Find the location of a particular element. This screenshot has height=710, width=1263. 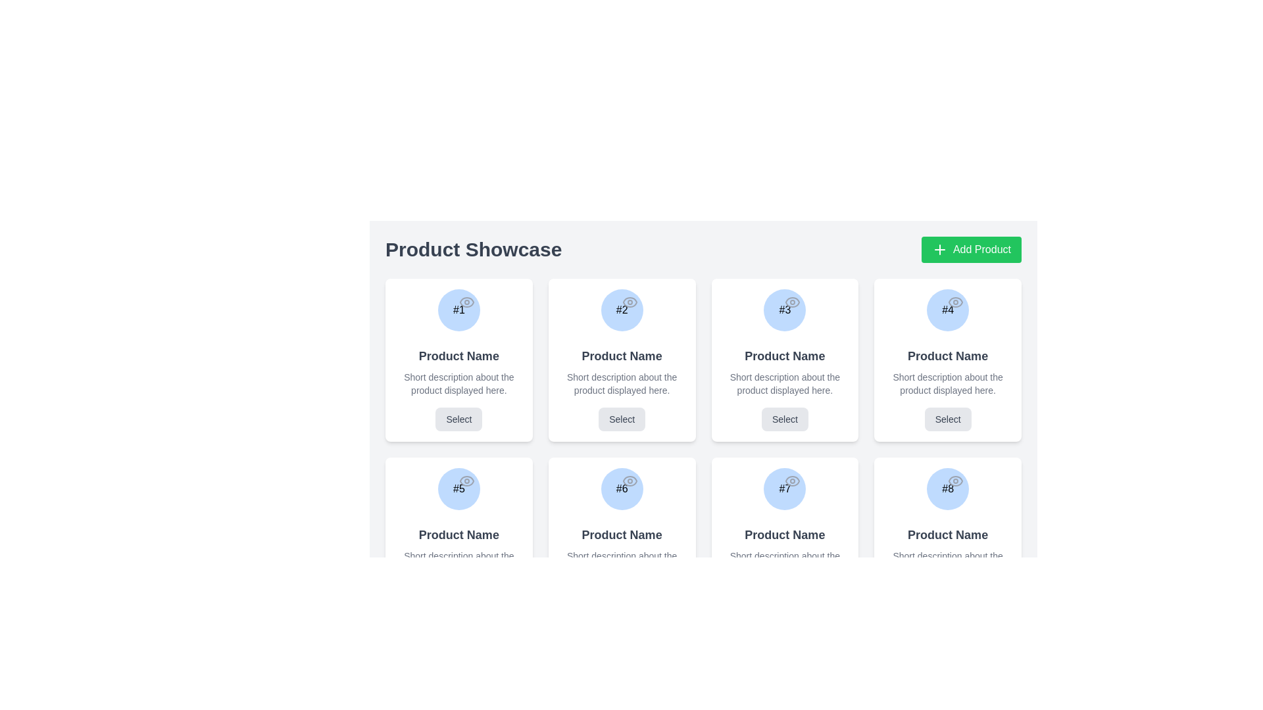

the 'Add Product' button which contains the icon representing the action of adding a new product for accessibility is located at coordinates (939, 250).